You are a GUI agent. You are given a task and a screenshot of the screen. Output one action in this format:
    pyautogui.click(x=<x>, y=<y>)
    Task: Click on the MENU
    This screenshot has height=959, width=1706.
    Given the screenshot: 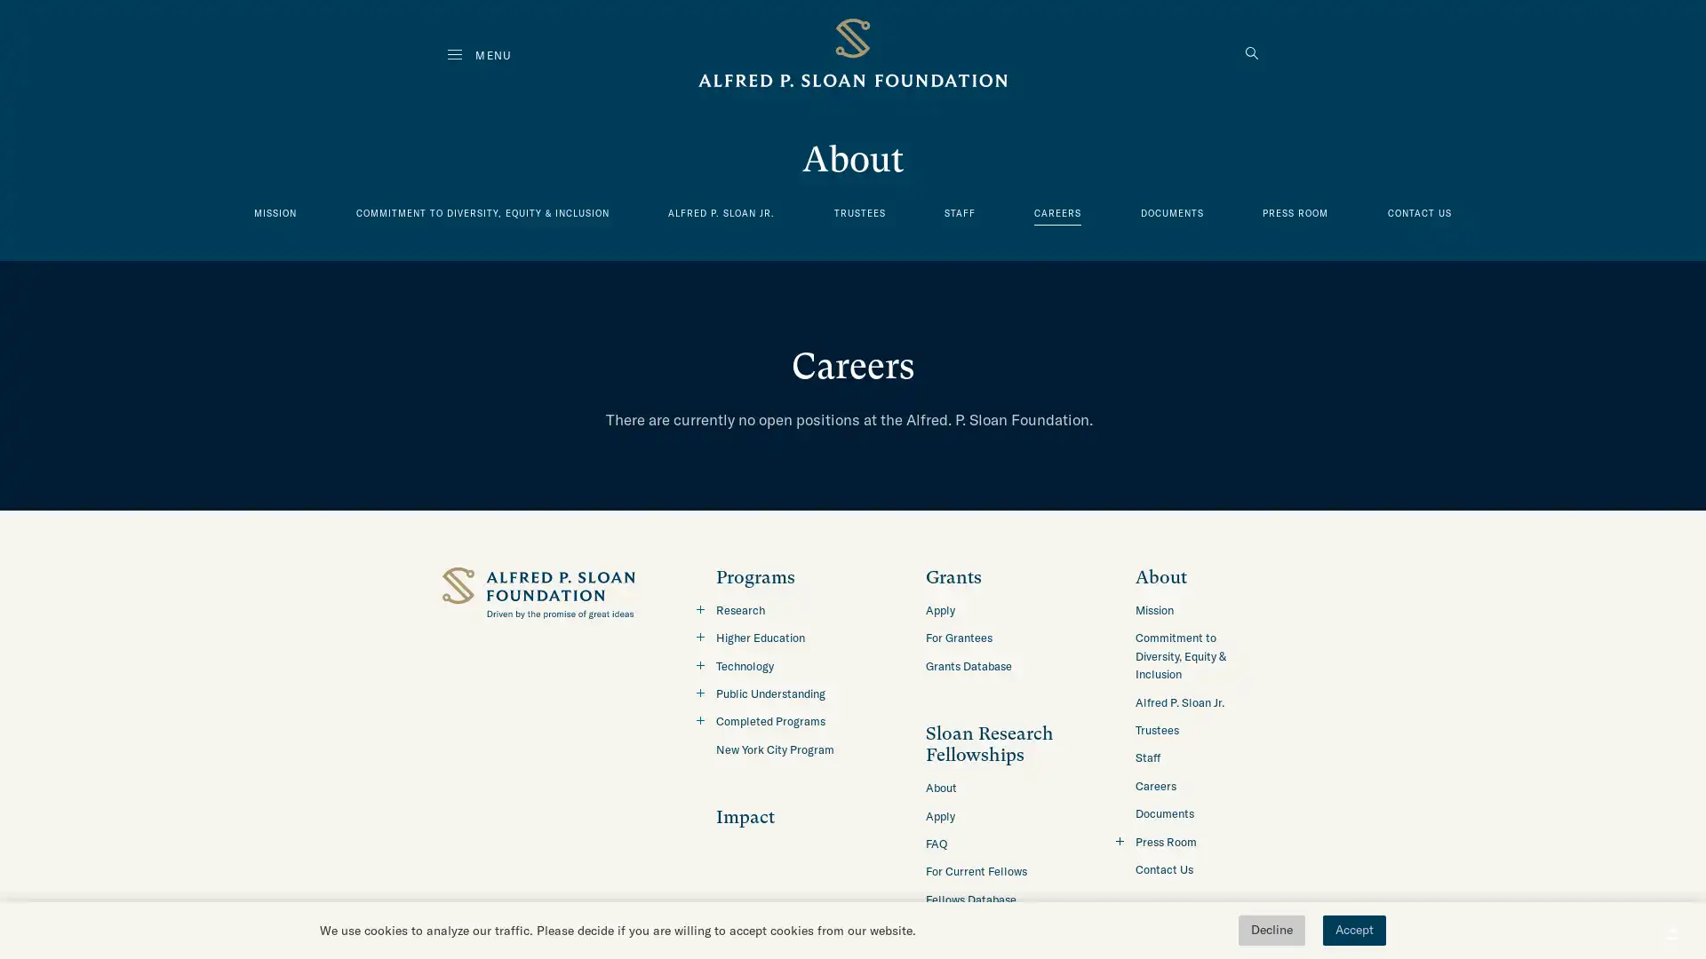 What is the action you would take?
    pyautogui.click(x=479, y=54)
    